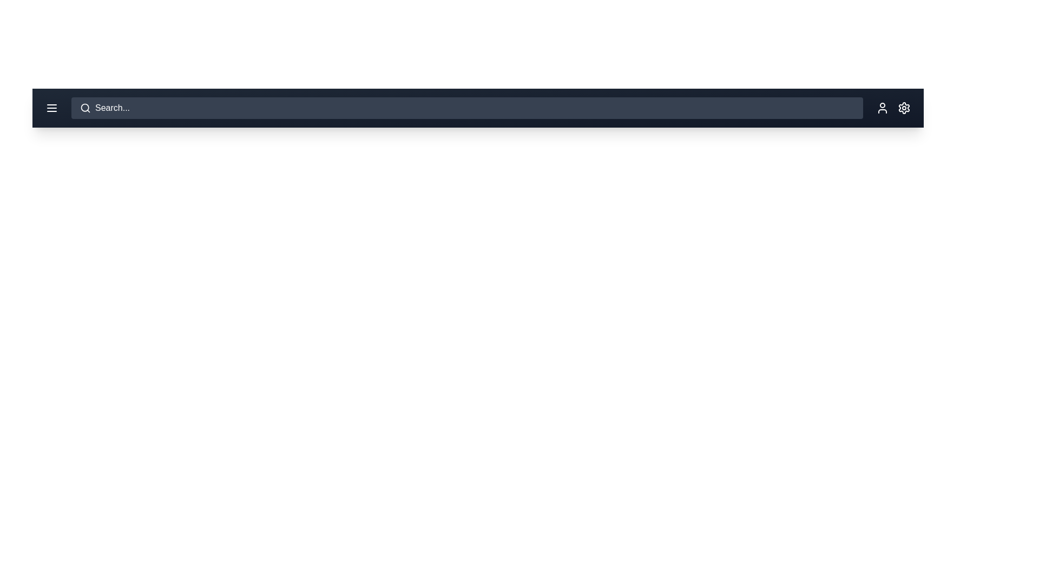 The width and height of the screenshot is (1039, 584). Describe the element at coordinates (467, 108) in the screenshot. I see `the search bar to activate it` at that location.